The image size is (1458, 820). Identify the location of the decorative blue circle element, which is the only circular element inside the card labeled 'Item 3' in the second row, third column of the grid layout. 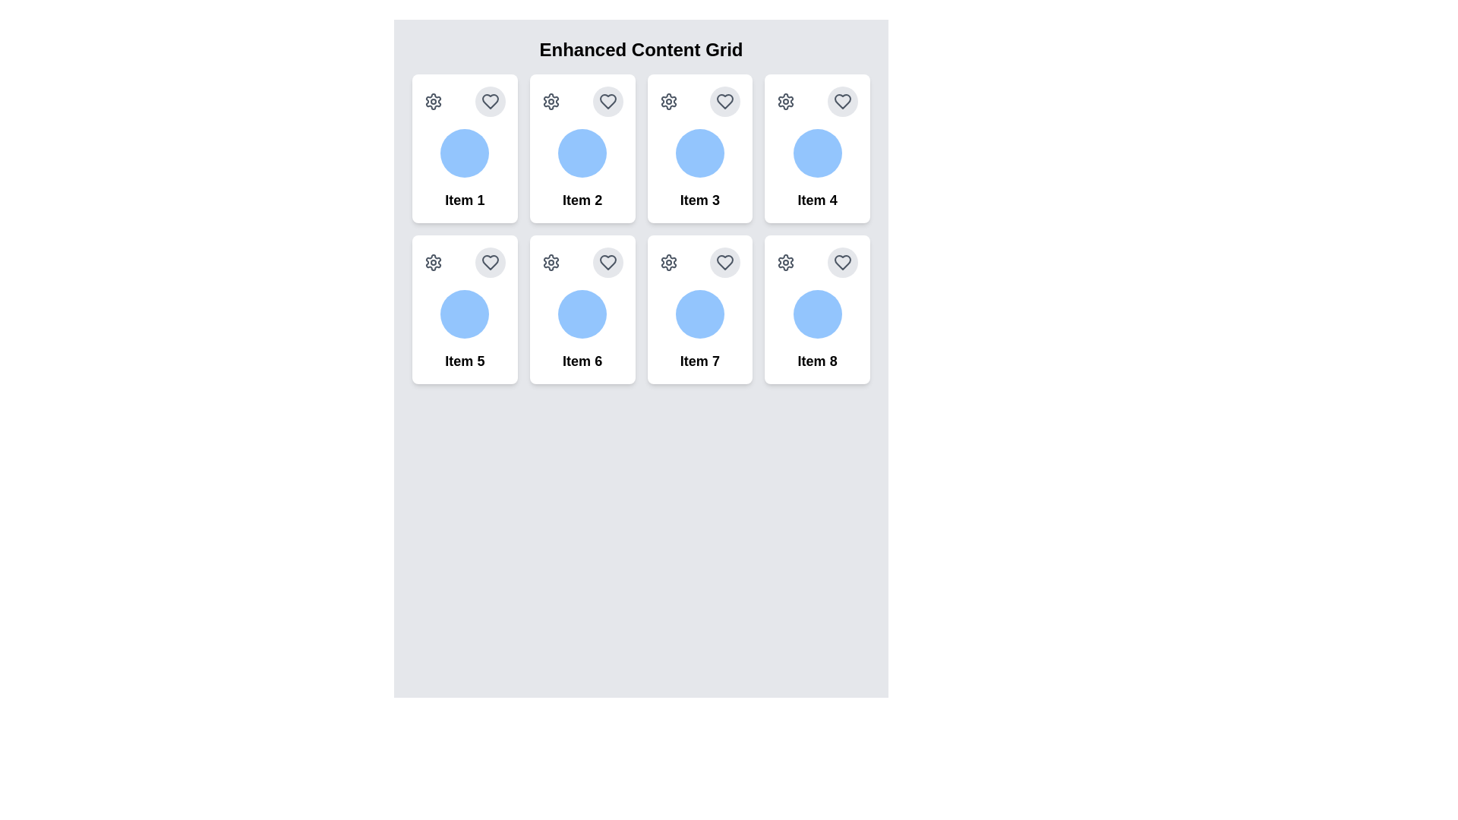
(699, 153).